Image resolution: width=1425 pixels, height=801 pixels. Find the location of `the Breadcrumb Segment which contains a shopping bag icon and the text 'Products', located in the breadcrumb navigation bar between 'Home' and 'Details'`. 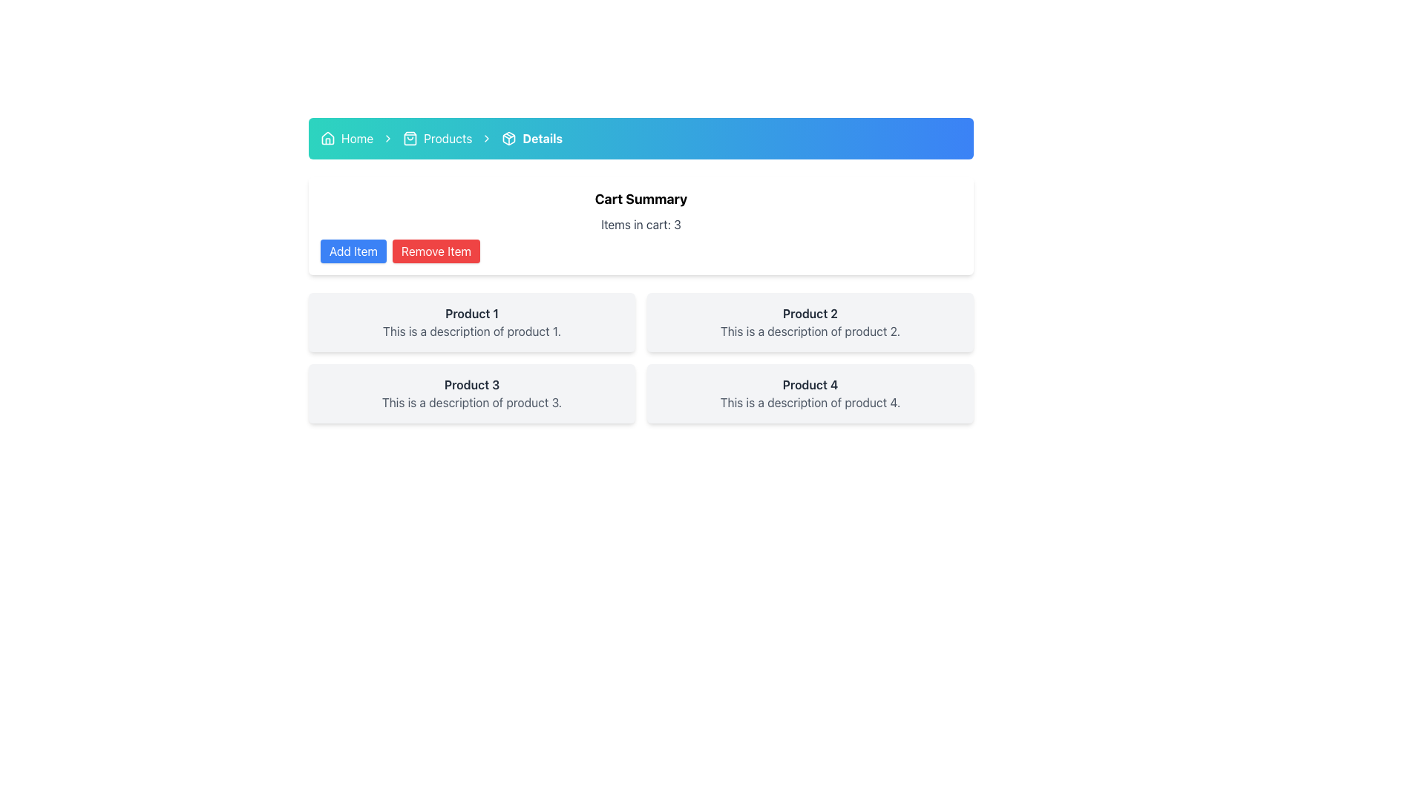

the Breadcrumb Segment which contains a shopping bag icon and the text 'Products', located in the breadcrumb navigation bar between 'Home' and 'Details' is located at coordinates (436, 138).